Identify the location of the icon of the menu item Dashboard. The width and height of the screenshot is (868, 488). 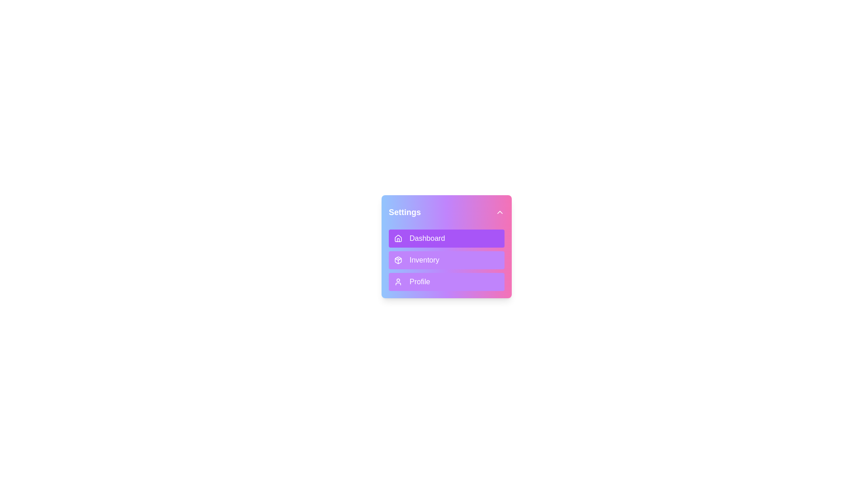
(398, 238).